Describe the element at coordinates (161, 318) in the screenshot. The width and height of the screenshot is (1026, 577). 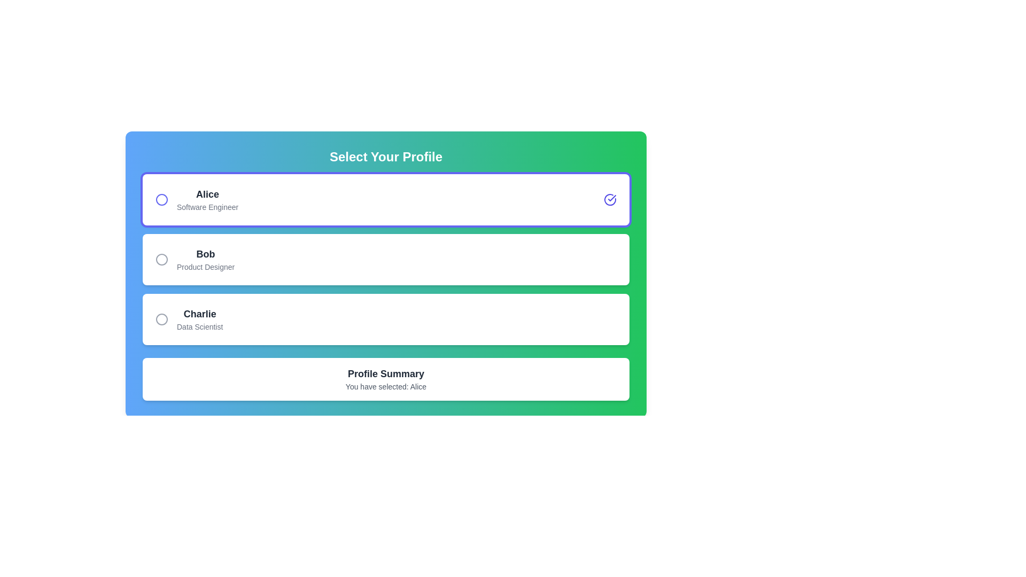
I see `the circular icon with a gray outline and white fill located within the user profile card labeled 'Charlie', which is the third profile in the list` at that location.